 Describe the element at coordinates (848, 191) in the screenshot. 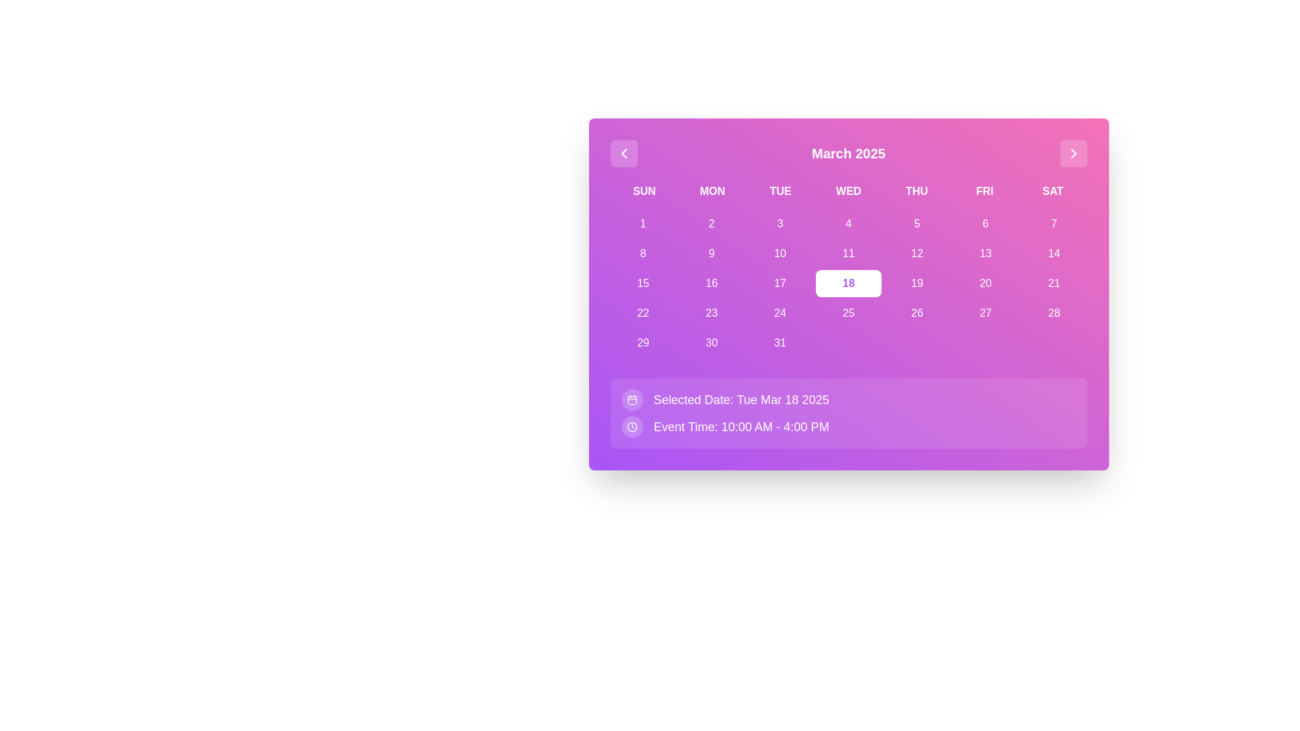

I see `the static label group indicating the days of the week in the calendar header, located just below the month and year title` at that location.